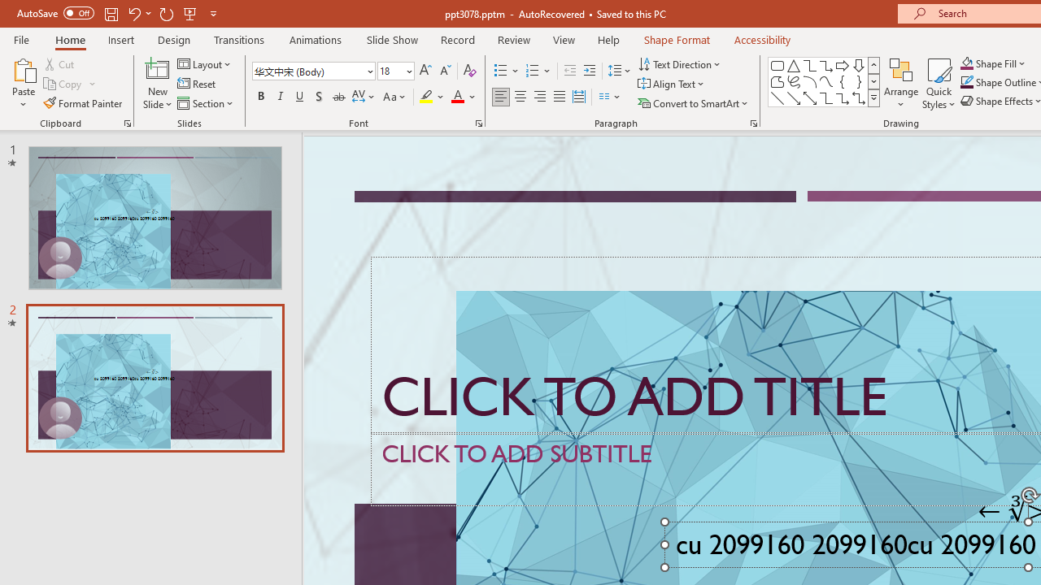  What do you see at coordinates (809, 97) in the screenshot?
I see `'Line Arrow: Double'` at bounding box center [809, 97].